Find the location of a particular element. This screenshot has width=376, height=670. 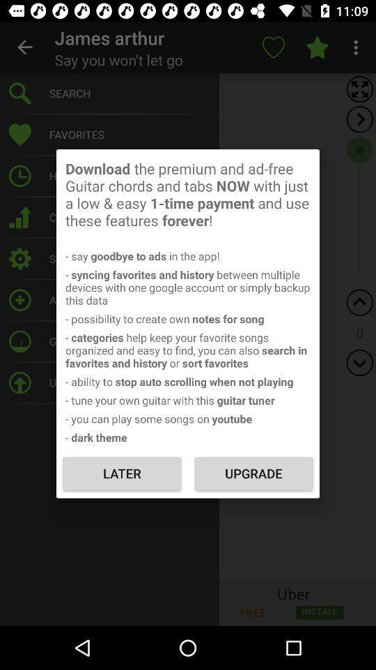

the upgrade is located at coordinates (253, 473).